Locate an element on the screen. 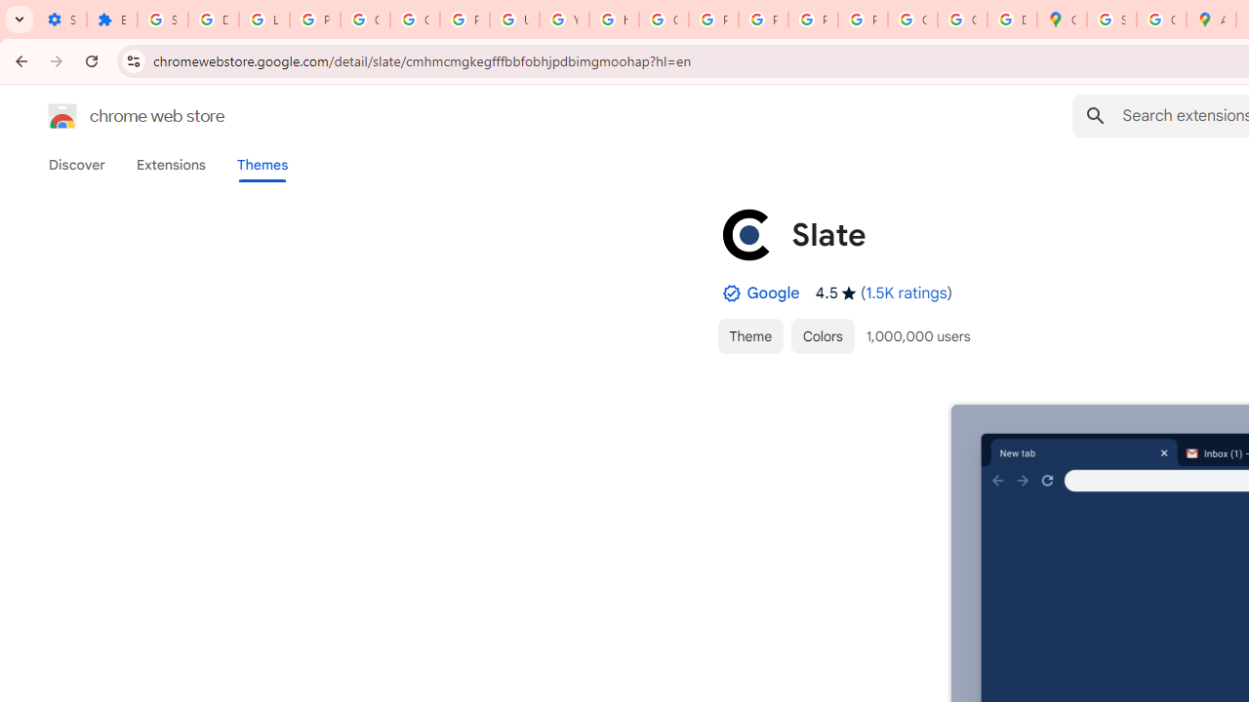 Image resolution: width=1249 pixels, height=702 pixels. 'Create your Google Account' is located at coordinates (1161, 19).